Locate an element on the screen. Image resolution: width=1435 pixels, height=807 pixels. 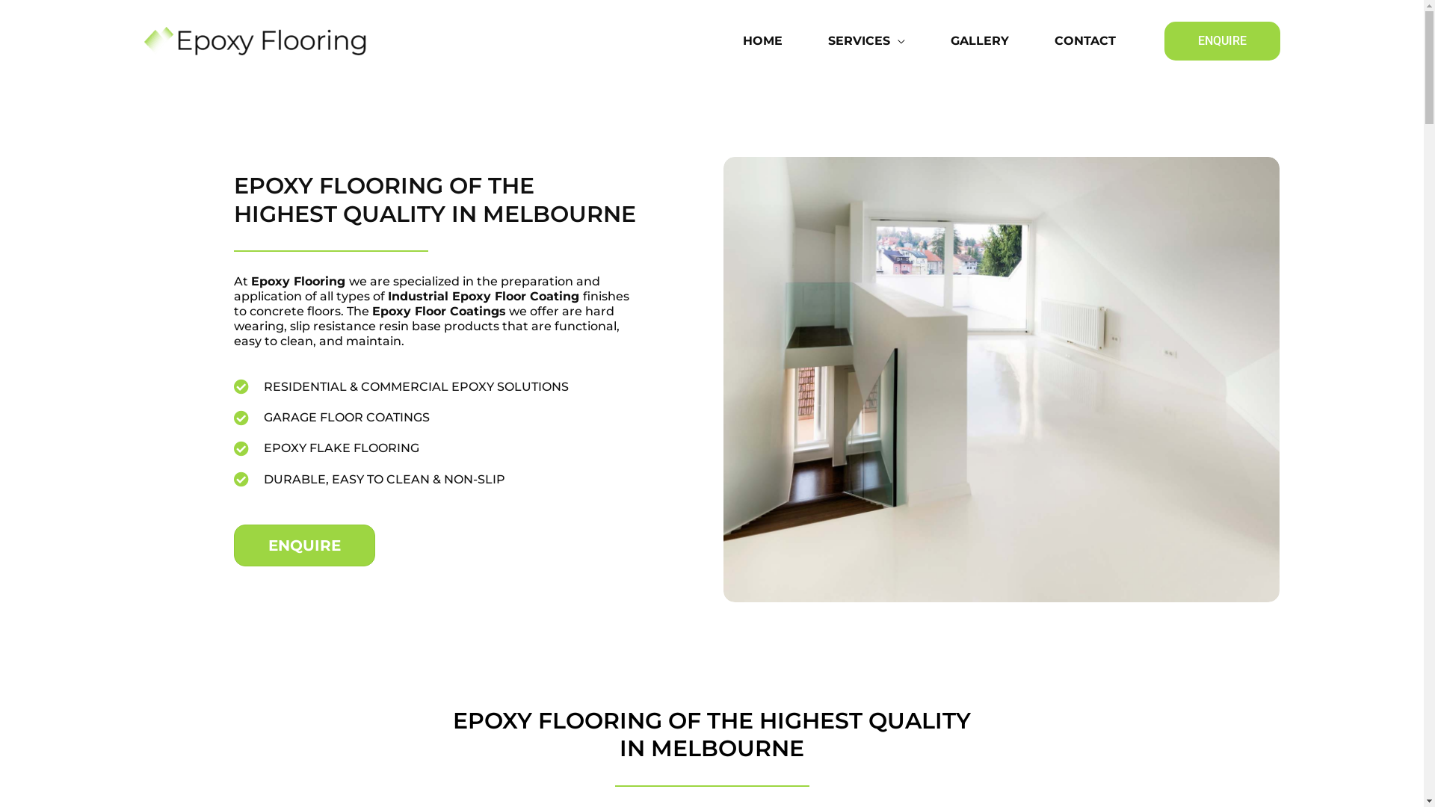
'GALLERY' is located at coordinates (990, 40).